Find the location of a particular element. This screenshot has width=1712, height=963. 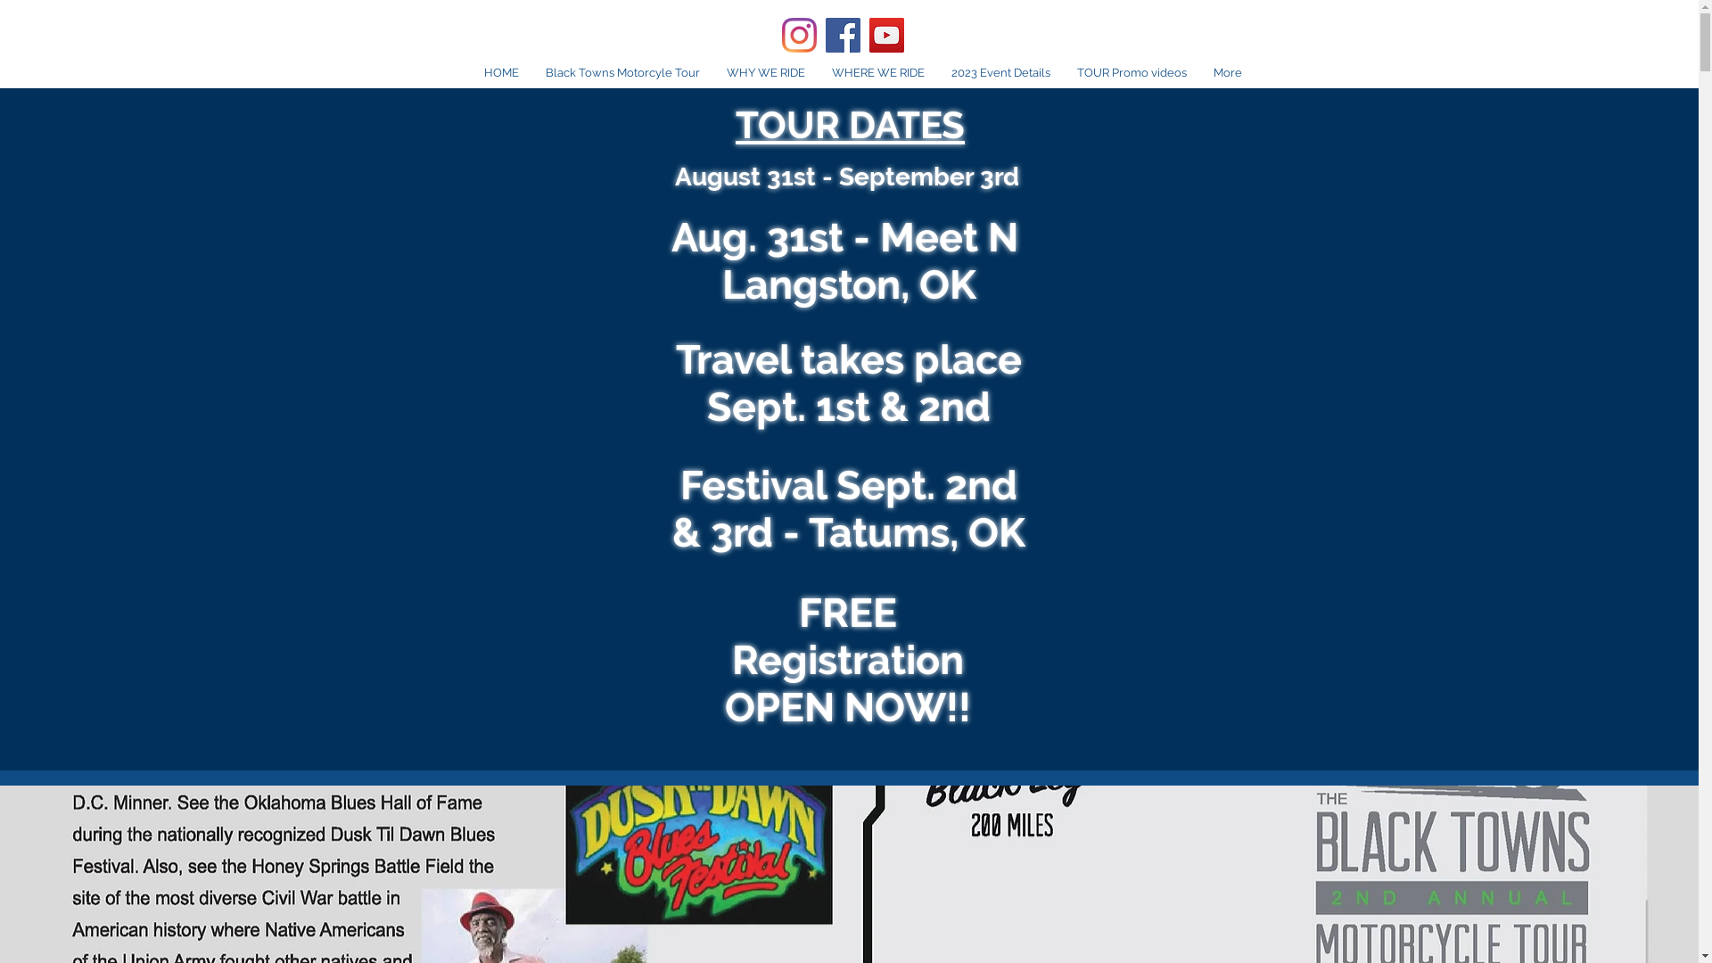

'Aug. 31st - Meet N  Langston, OK' is located at coordinates (847, 261).